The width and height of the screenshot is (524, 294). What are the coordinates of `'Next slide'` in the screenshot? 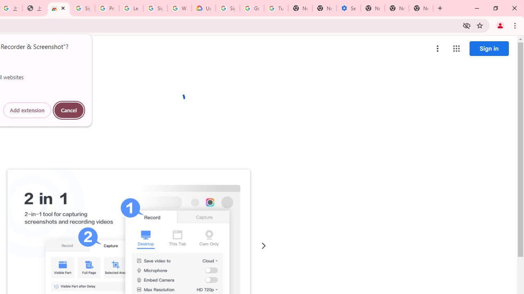 It's located at (263, 245).